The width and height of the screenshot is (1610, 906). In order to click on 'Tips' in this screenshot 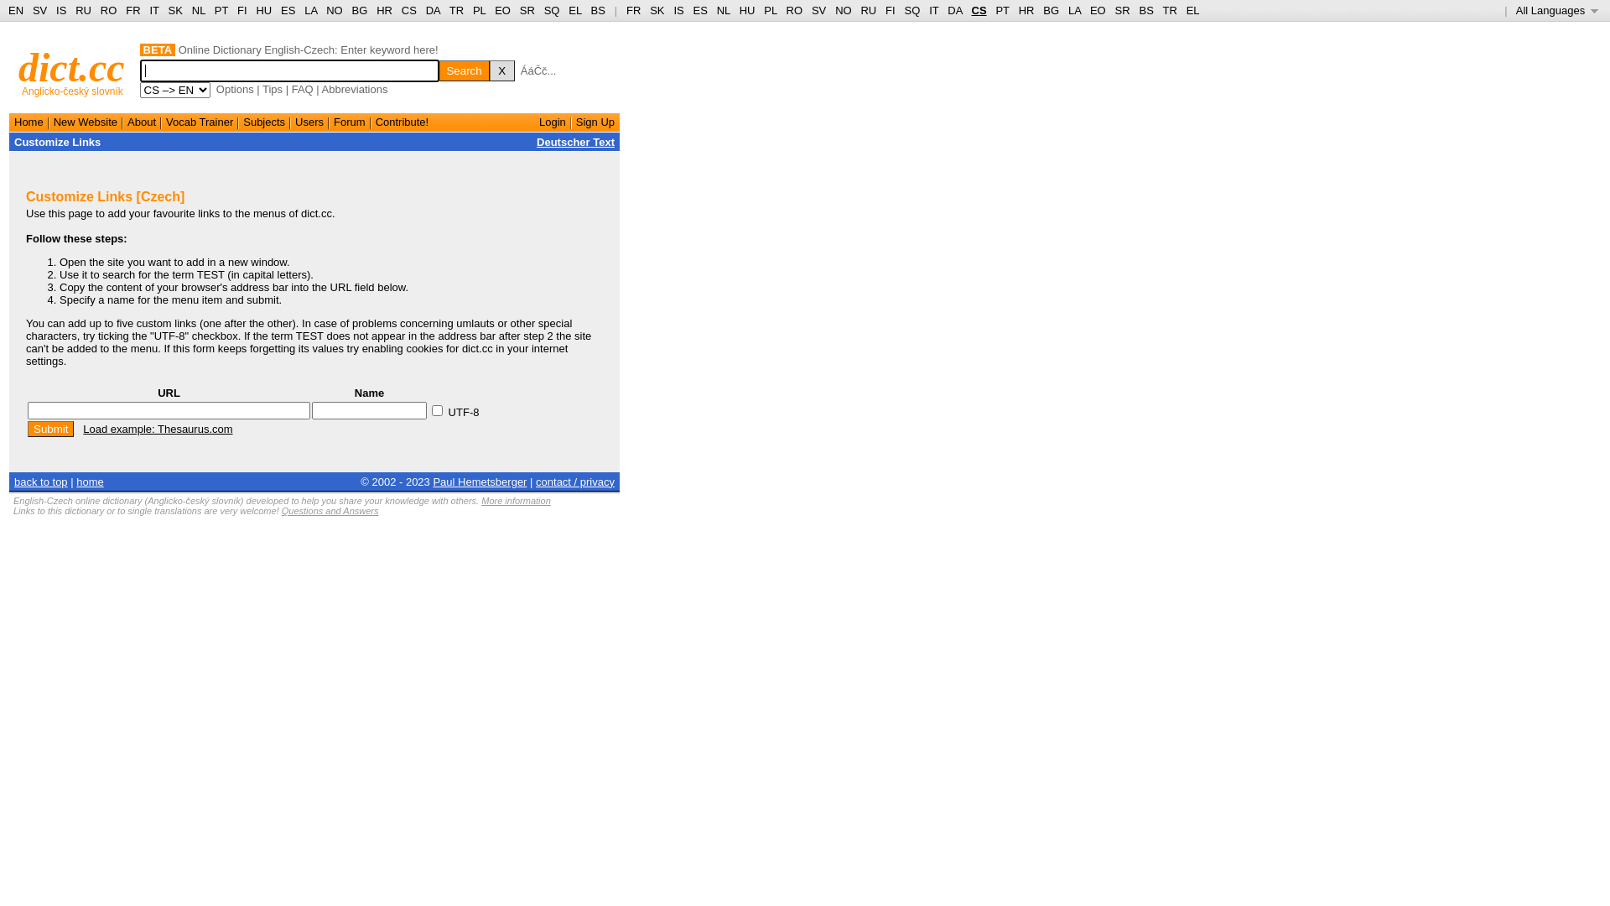, I will do `click(261, 89)`.